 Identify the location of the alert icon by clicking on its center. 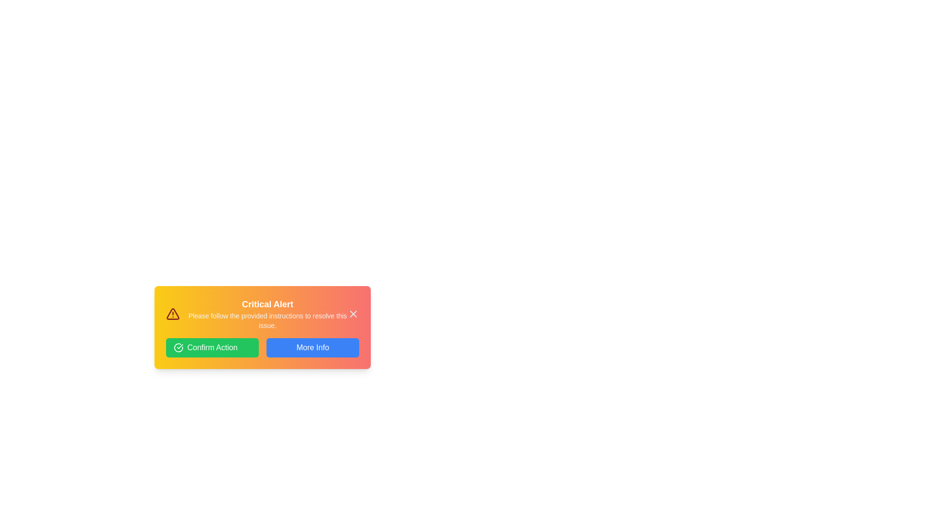
(173, 314).